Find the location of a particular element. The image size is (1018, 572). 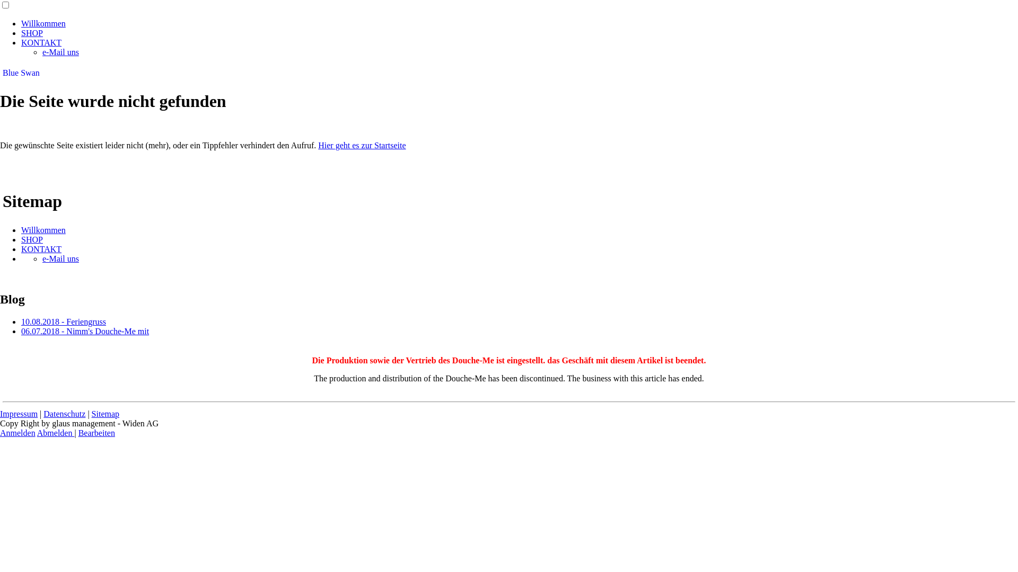

'e-Mail uns' is located at coordinates (60, 258).